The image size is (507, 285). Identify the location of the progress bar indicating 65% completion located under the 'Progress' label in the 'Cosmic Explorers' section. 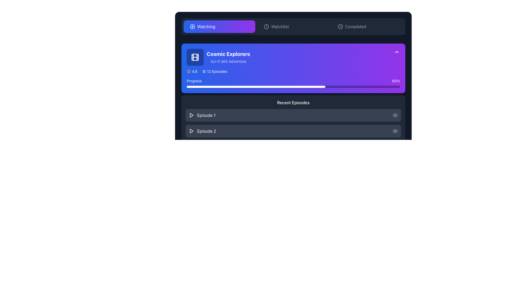
(293, 86).